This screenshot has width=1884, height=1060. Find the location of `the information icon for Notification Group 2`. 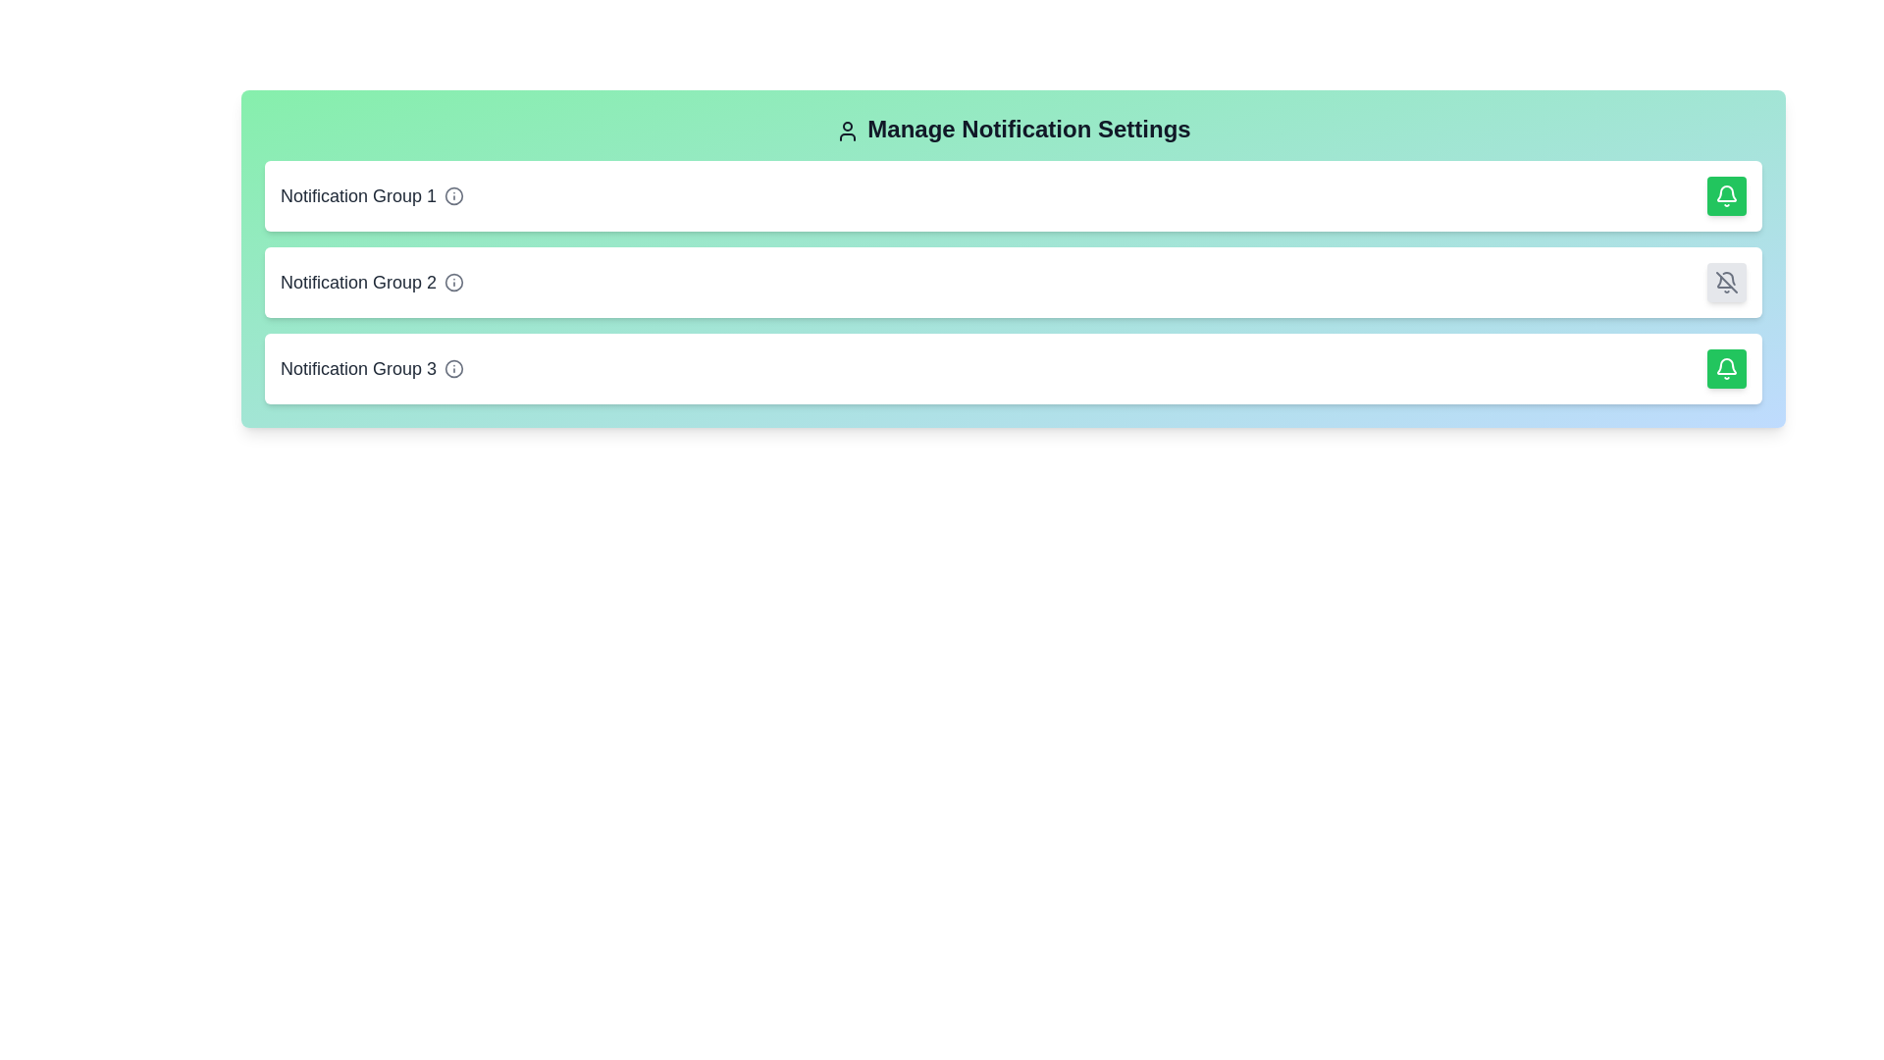

the information icon for Notification Group 2 is located at coordinates (453, 283).